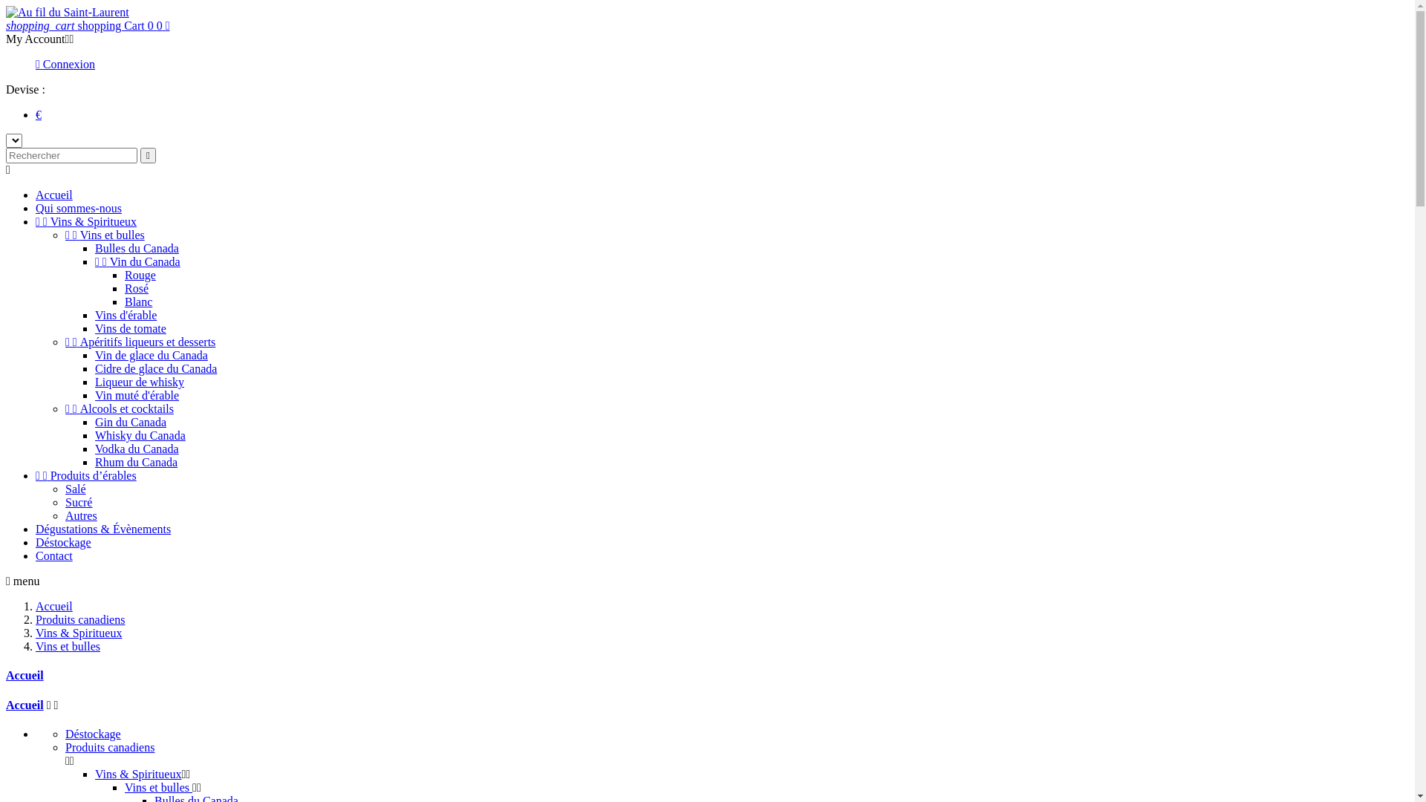  What do you see at coordinates (77, 208) in the screenshot?
I see `'Qui sommes-nous'` at bounding box center [77, 208].